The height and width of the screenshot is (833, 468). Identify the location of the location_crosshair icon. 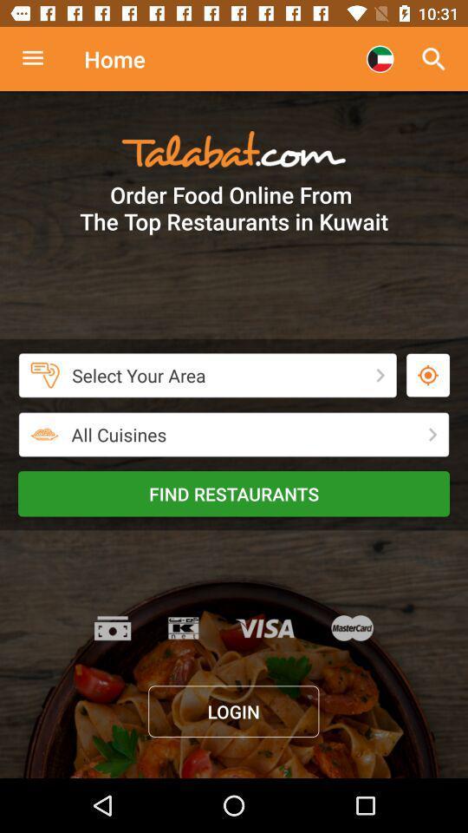
(427, 375).